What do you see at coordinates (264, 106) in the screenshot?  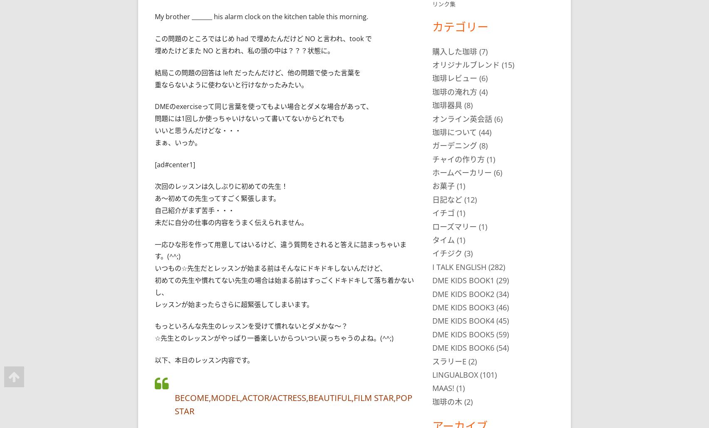 I see `'DMEのexerciseって同じ言葉を使ってもよい場合とダメな場合があって、'` at bounding box center [264, 106].